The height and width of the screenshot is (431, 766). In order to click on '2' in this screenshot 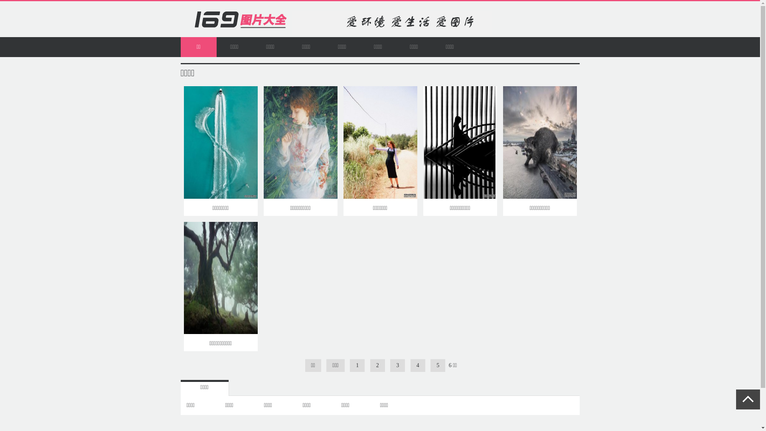, I will do `click(377, 365)`.